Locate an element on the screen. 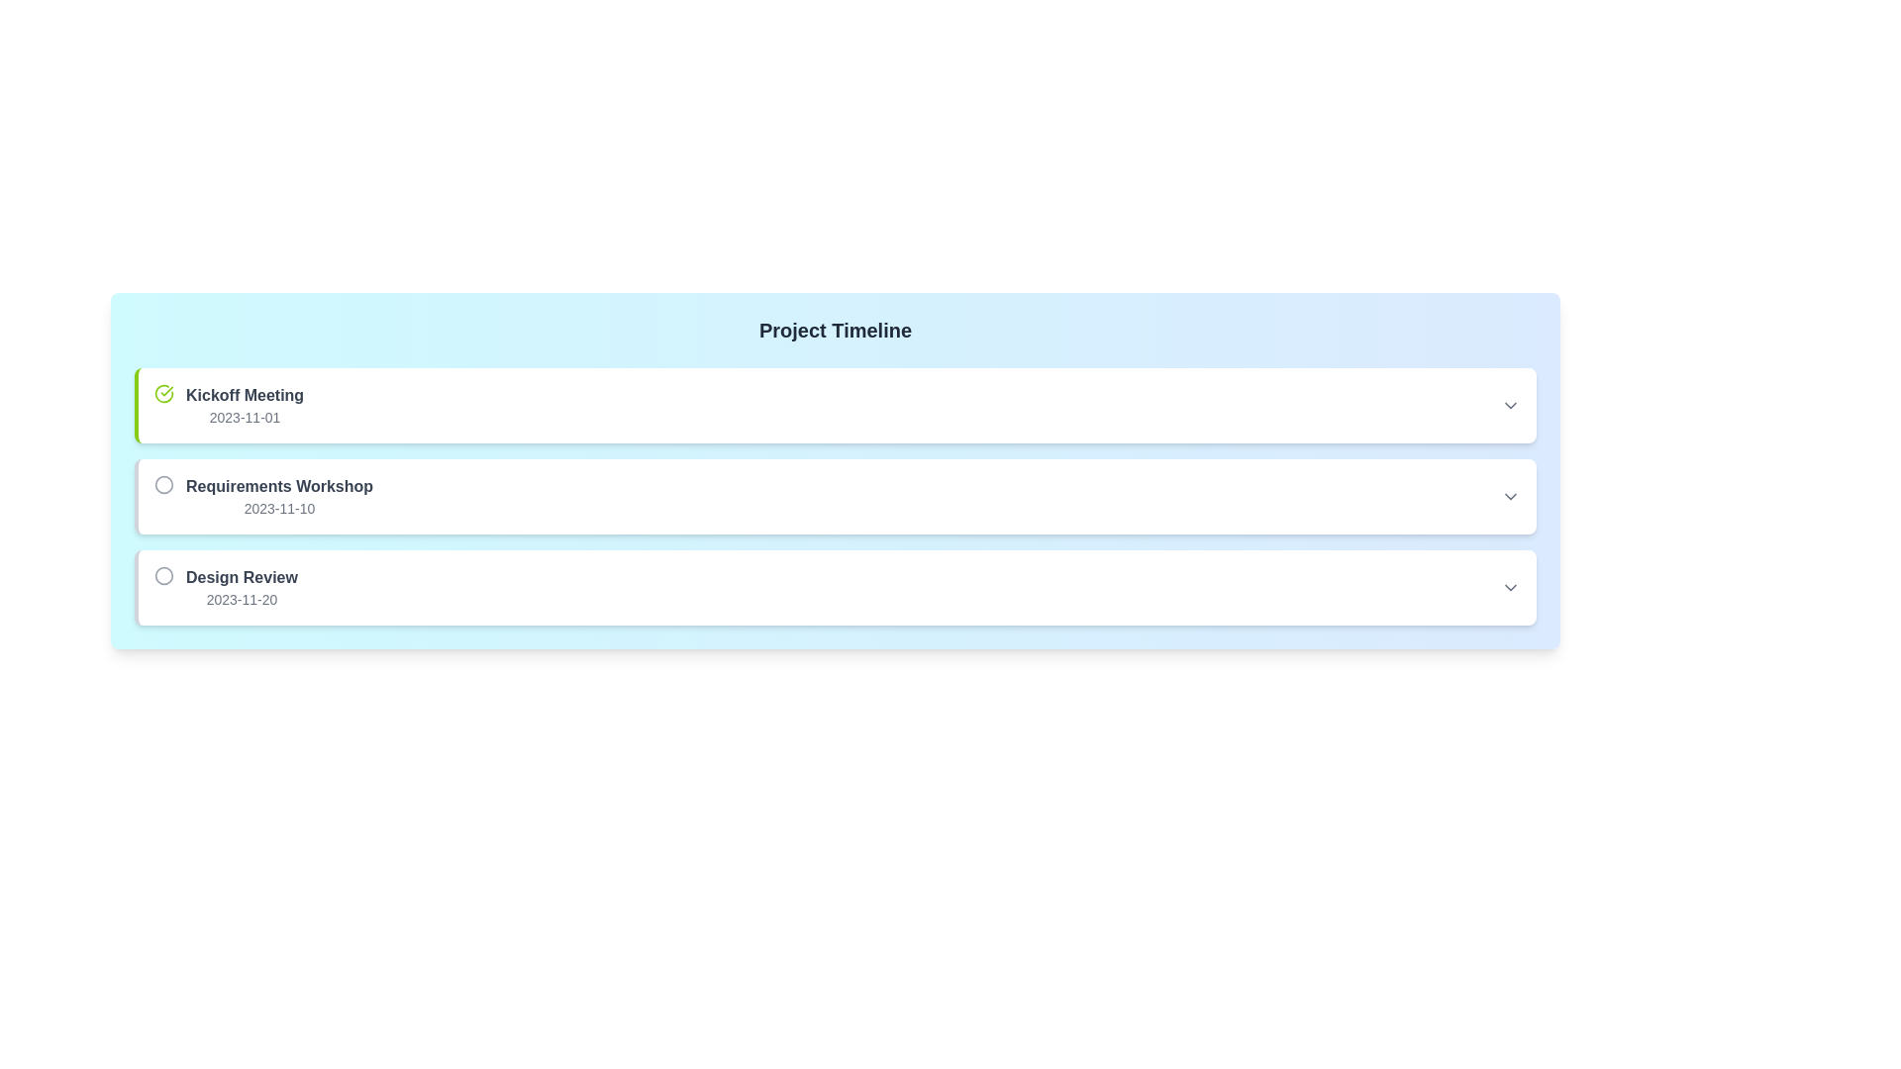 This screenshot has width=1901, height=1069. the circular icon located to the left of the text 'Design Review' and '2023-11-20' in the third row of the 'Project Timeline' section is located at coordinates (164, 576).